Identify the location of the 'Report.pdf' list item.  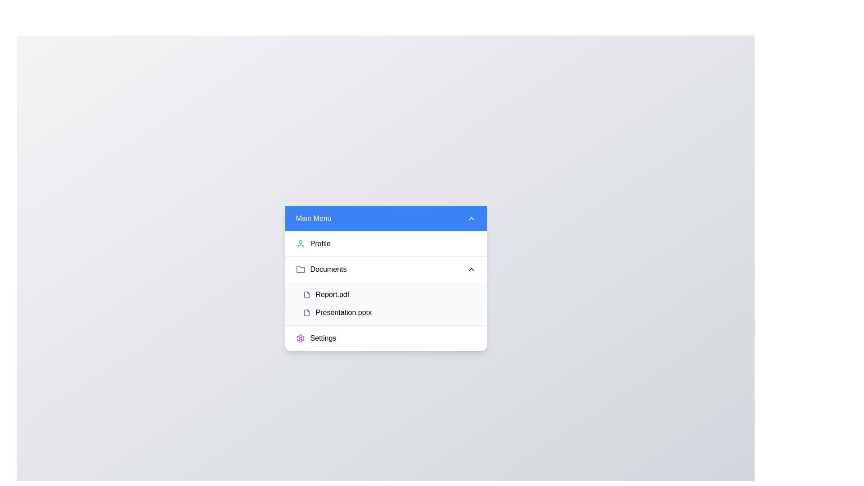
(386, 291).